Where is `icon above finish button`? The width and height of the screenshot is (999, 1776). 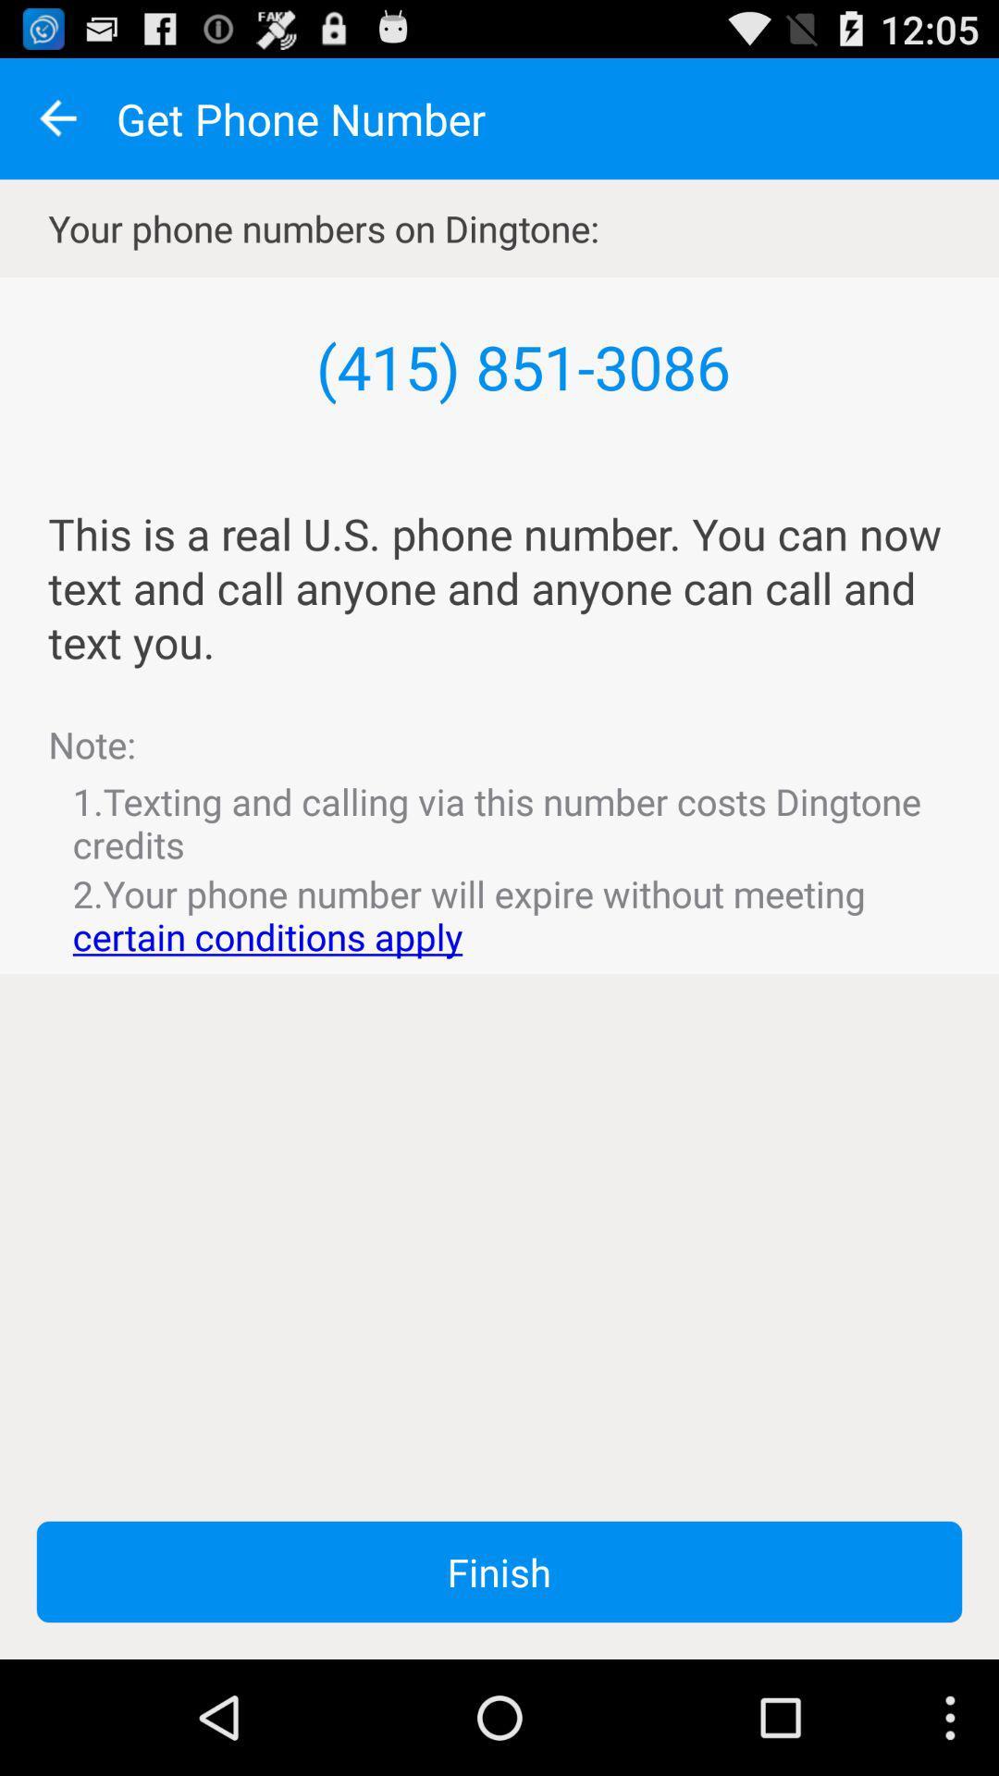 icon above finish button is located at coordinates (499, 915).